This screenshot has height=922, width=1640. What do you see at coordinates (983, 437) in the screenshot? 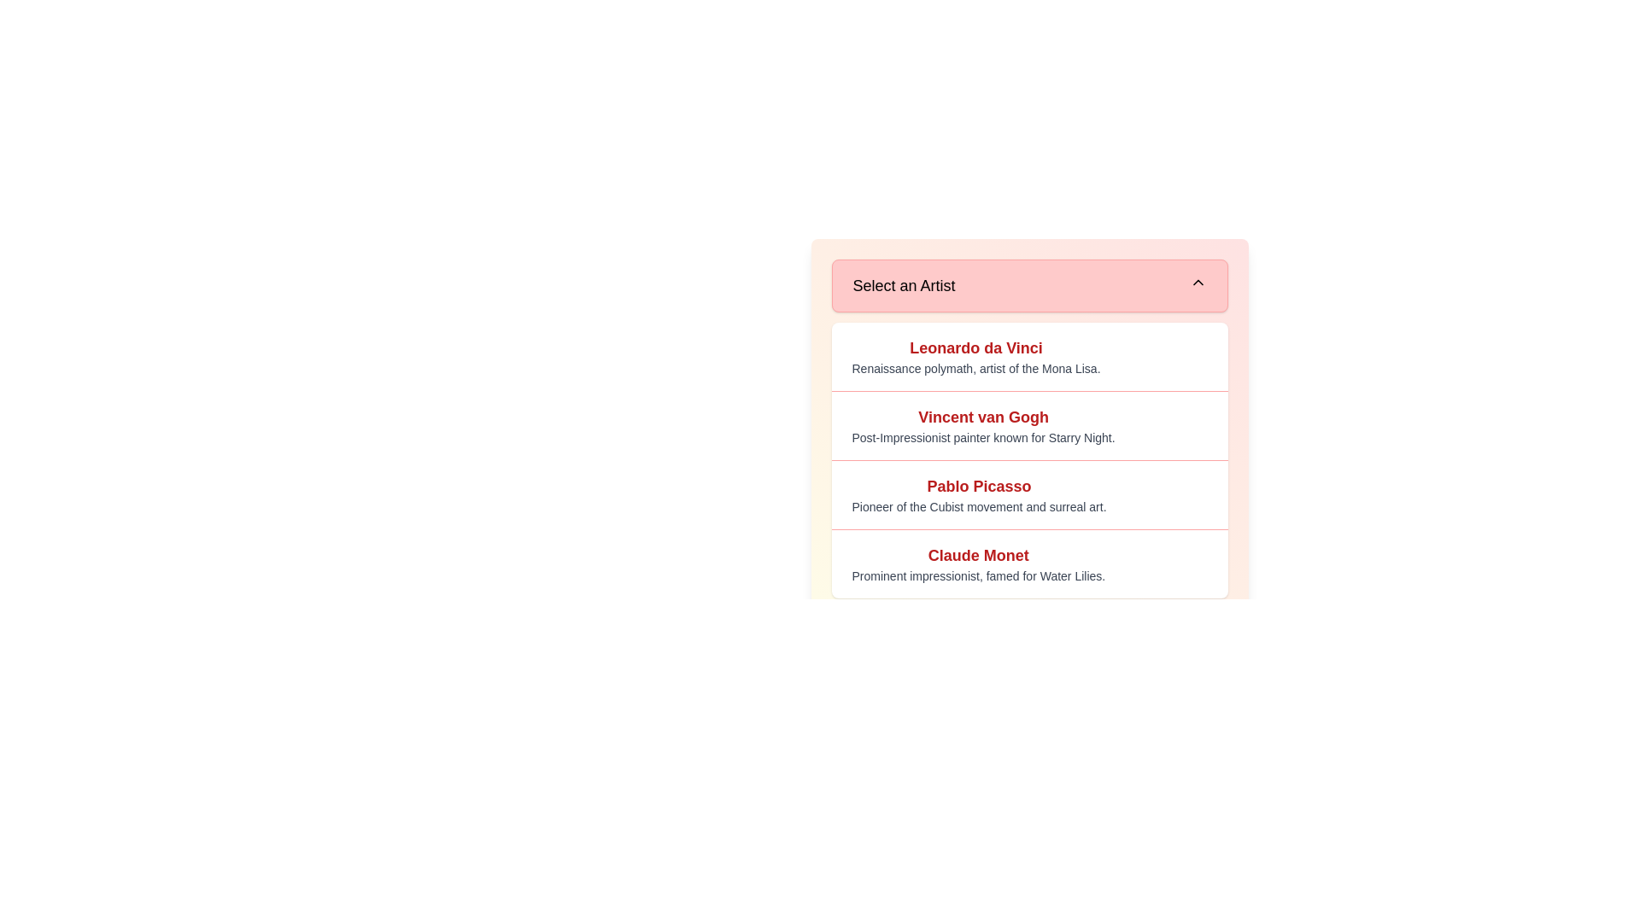
I see `additional descriptive information about the artist Vincent van Gogh, which is located directly beneath the title in the dropdown list entry group` at bounding box center [983, 437].